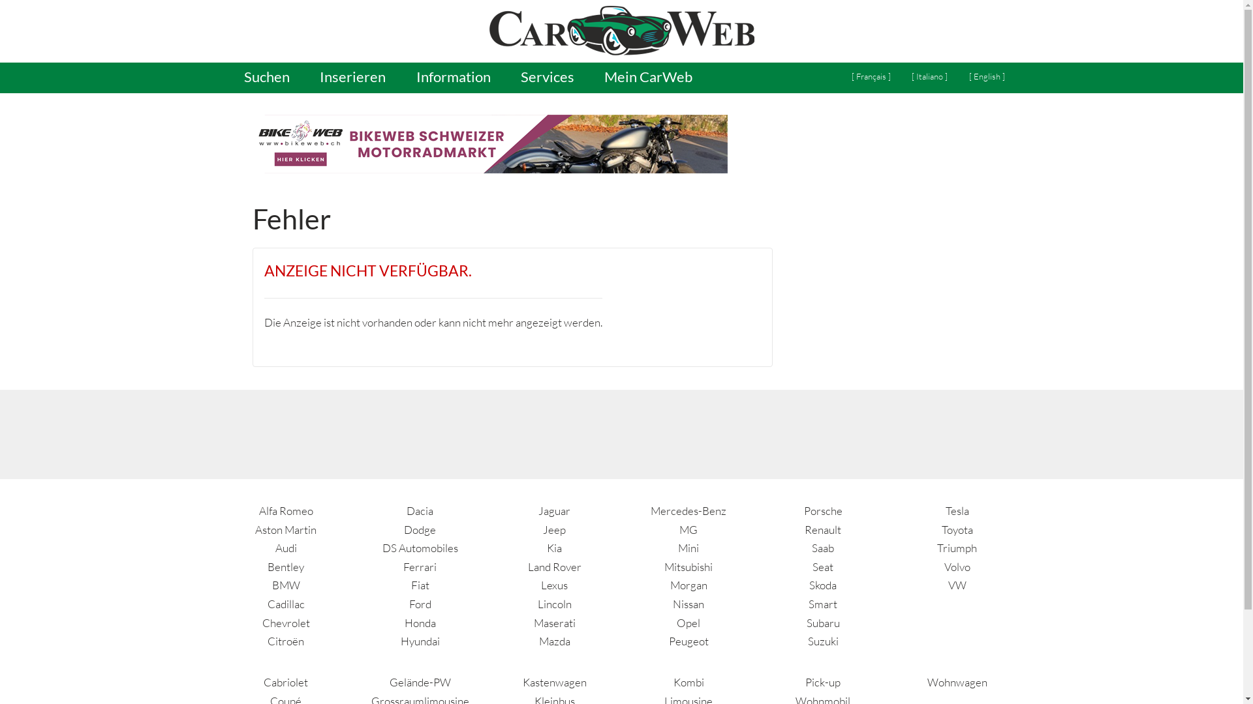 The image size is (1253, 704). What do you see at coordinates (957, 681) in the screenshot?
I see `'Wohnwagen'` at bounding box center [957, 681].